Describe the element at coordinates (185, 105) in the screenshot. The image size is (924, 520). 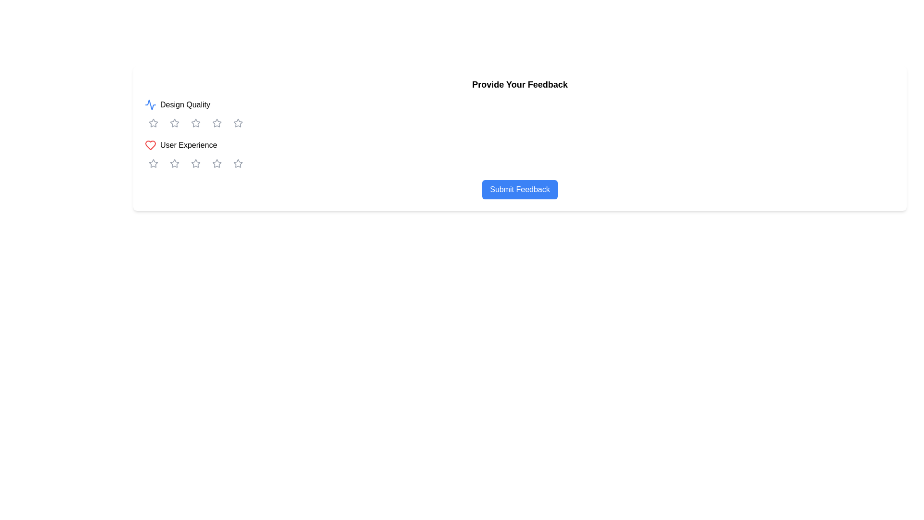
I see `the 'Design Quality' text label, which indicates the ratings below for this aspect and is positioned to the right of a blue waveform icon near the top-left of the feedback form` at that location.